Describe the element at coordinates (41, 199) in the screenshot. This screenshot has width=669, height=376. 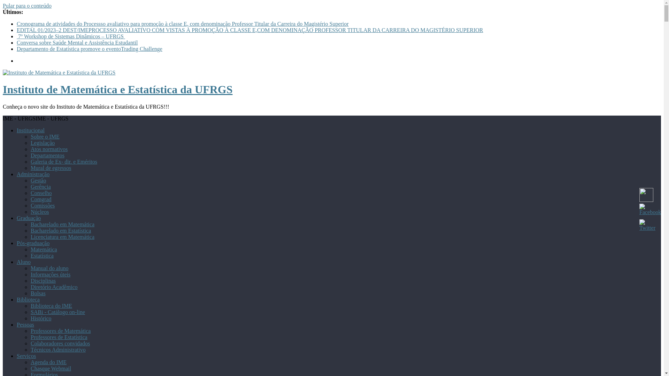
I see `'Comgrad'` at that location.